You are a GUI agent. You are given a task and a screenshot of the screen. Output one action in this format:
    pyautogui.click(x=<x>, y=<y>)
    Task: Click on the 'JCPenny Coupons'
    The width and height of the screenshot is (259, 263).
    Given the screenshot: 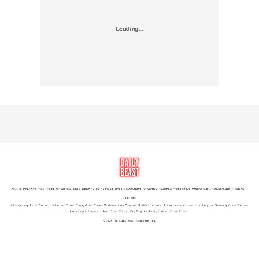 What is the action you would take?
    pyautogui.click(x=175, y=205)
    